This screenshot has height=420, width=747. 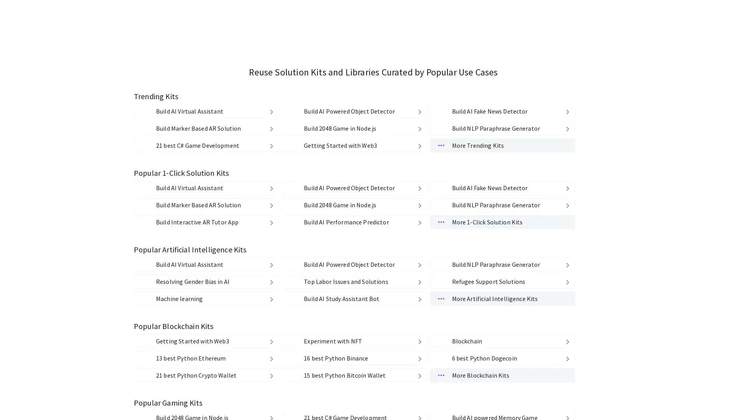 I want to click on Source Code Source Code, so click(x=442, y=229).